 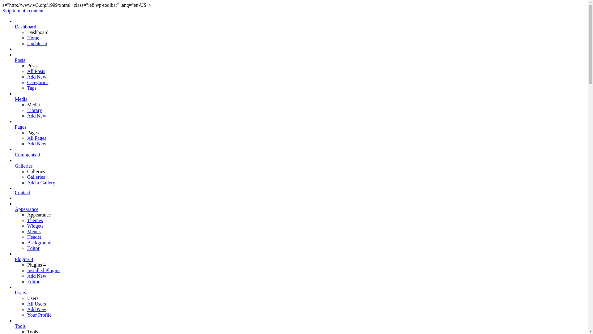 I want to click on 'Add a Gallery', so click(x=41, y=182).